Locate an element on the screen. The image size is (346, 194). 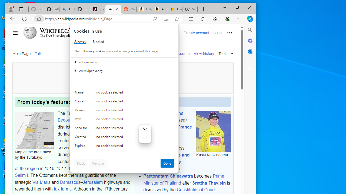
'Block' is located at coordinates (81, 163).